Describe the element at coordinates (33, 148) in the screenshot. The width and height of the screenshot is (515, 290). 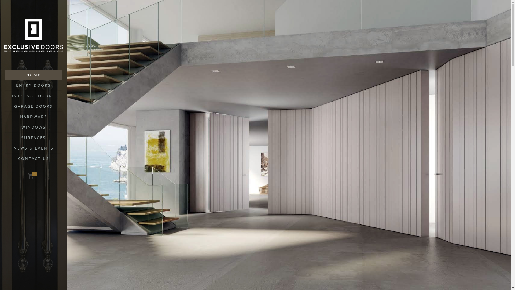
I see `'NEWS & EVENTS'` at that location.